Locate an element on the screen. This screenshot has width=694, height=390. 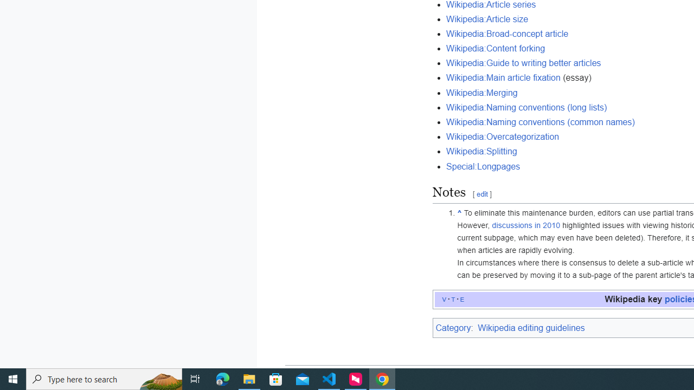
'e' is located at coordinates (462, 299).